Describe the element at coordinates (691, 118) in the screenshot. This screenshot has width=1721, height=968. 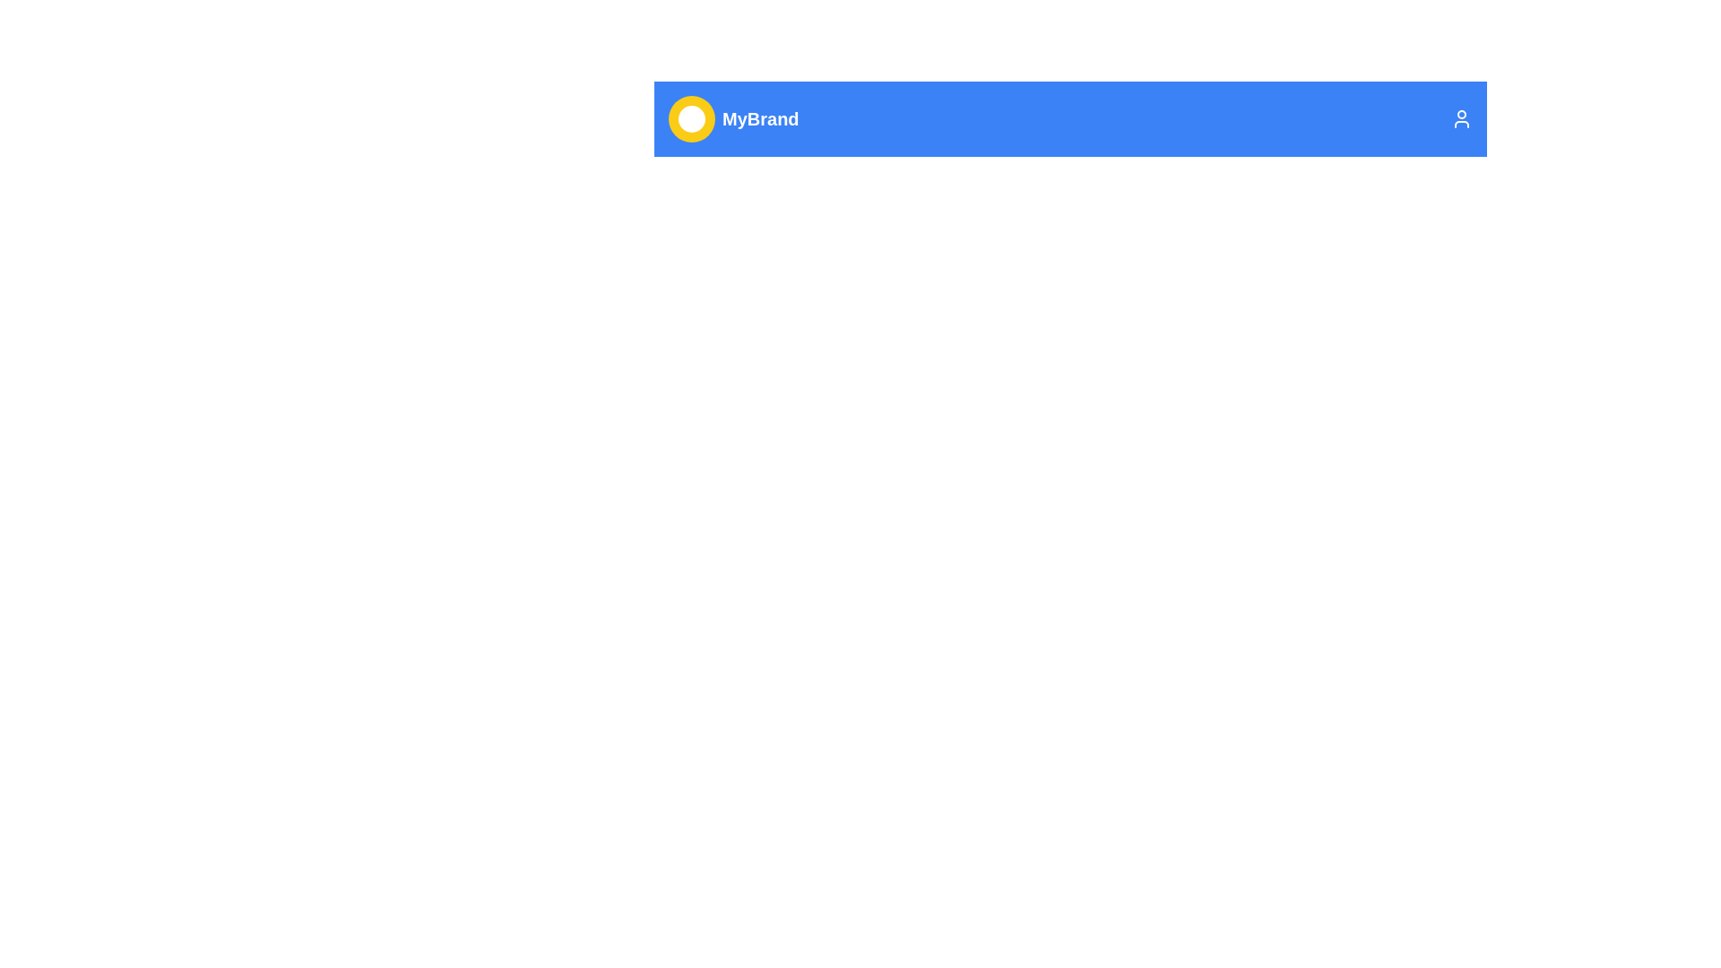
I see `Circle element in the SVG graphic, which is part of the logo next to 'MyBrand' located in the top-left corner of the navigation bar` at that location.